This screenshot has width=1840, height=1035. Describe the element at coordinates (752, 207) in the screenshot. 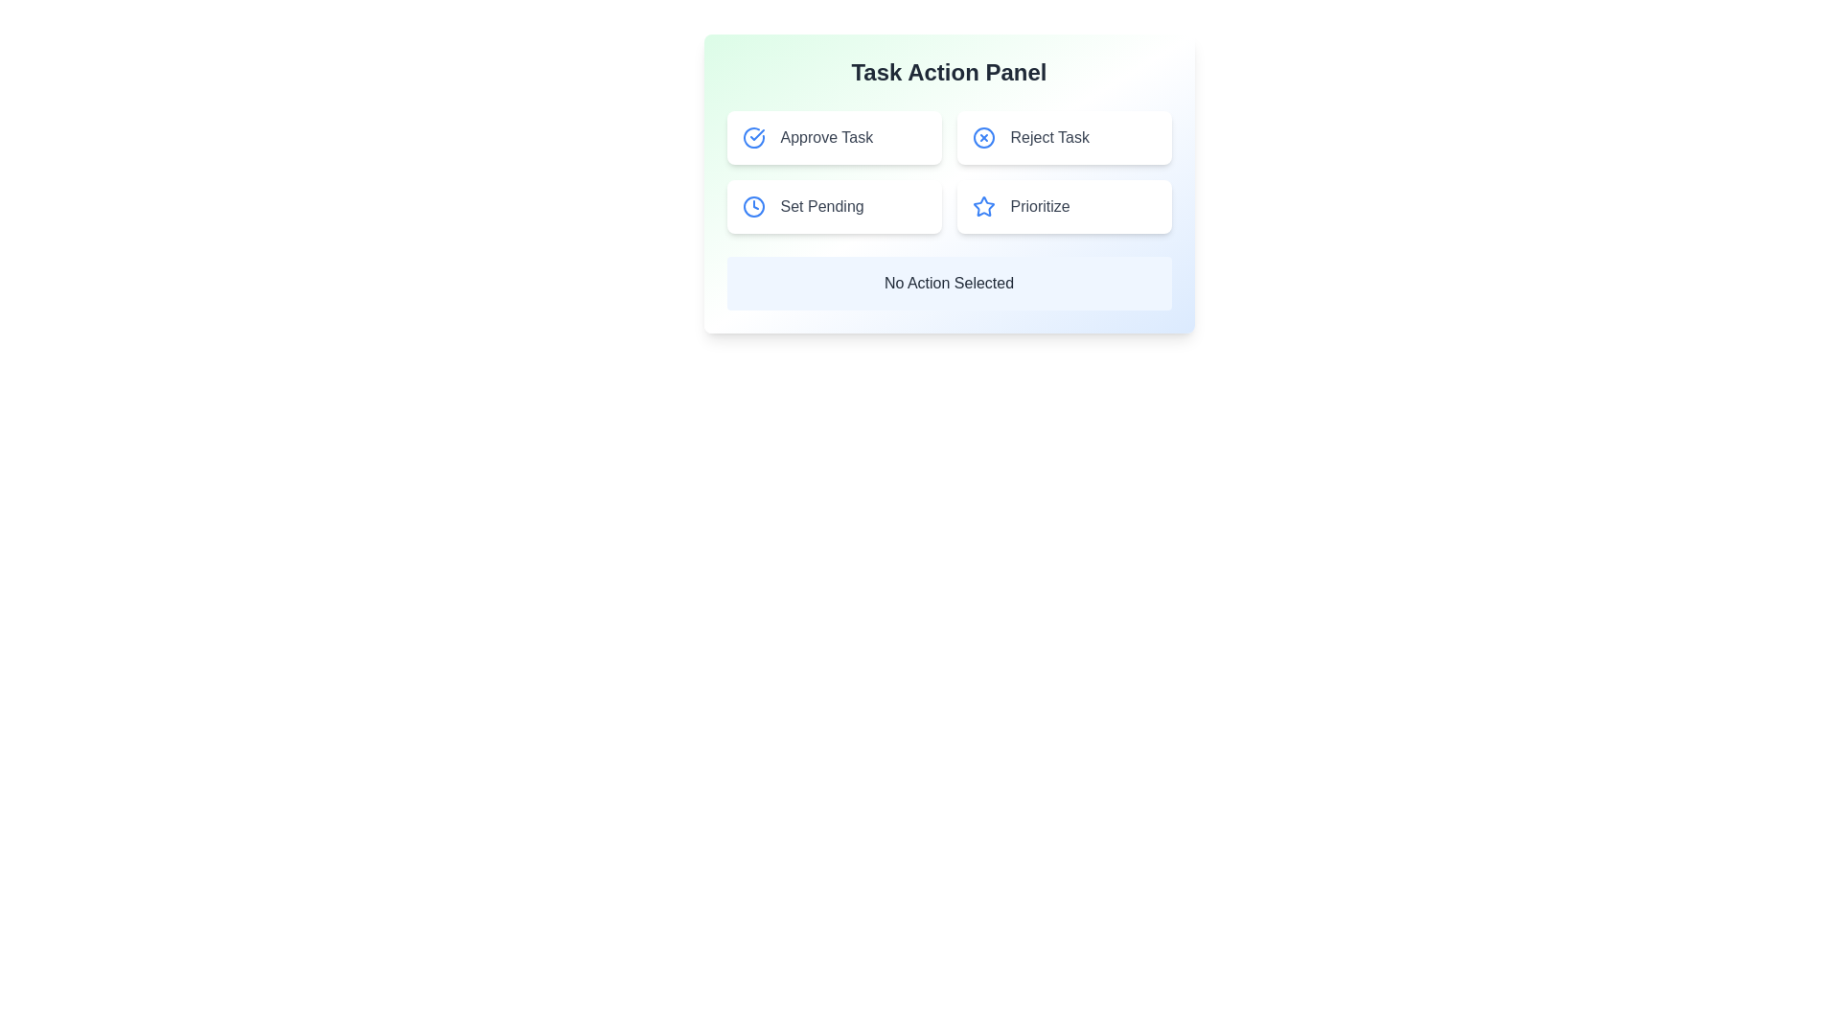

I see `the SVG circle element that is part of the clock icon within the 'Set Pending' button in the 'Task Action Panel'` at that location.